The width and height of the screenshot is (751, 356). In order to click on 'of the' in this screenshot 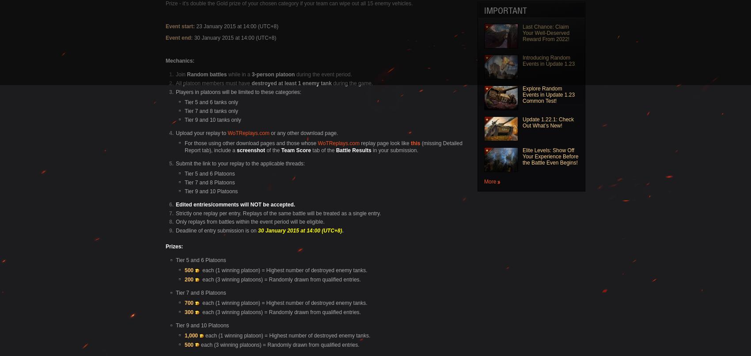, I will do `click(264, 150)`.